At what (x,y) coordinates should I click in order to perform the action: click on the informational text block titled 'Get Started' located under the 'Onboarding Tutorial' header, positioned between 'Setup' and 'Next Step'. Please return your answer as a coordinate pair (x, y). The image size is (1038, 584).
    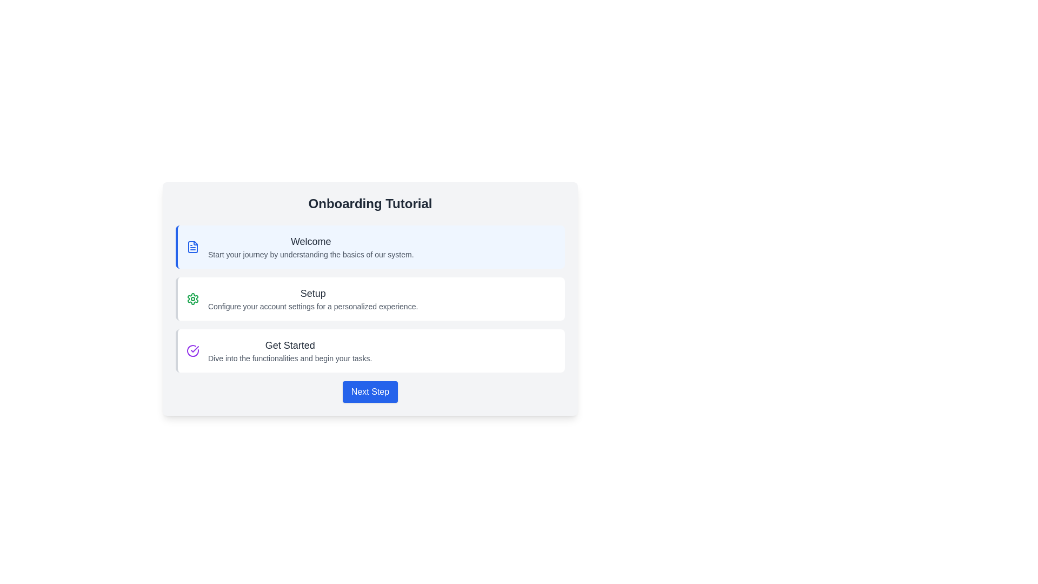
    Looking at the image, I should click on (290, 350).